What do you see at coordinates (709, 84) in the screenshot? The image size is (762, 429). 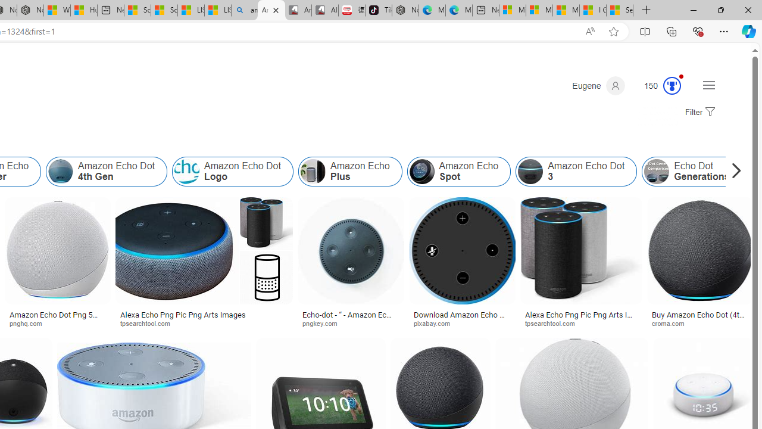 I see `'Settings and quick links'` at bounding box center [709, 84].